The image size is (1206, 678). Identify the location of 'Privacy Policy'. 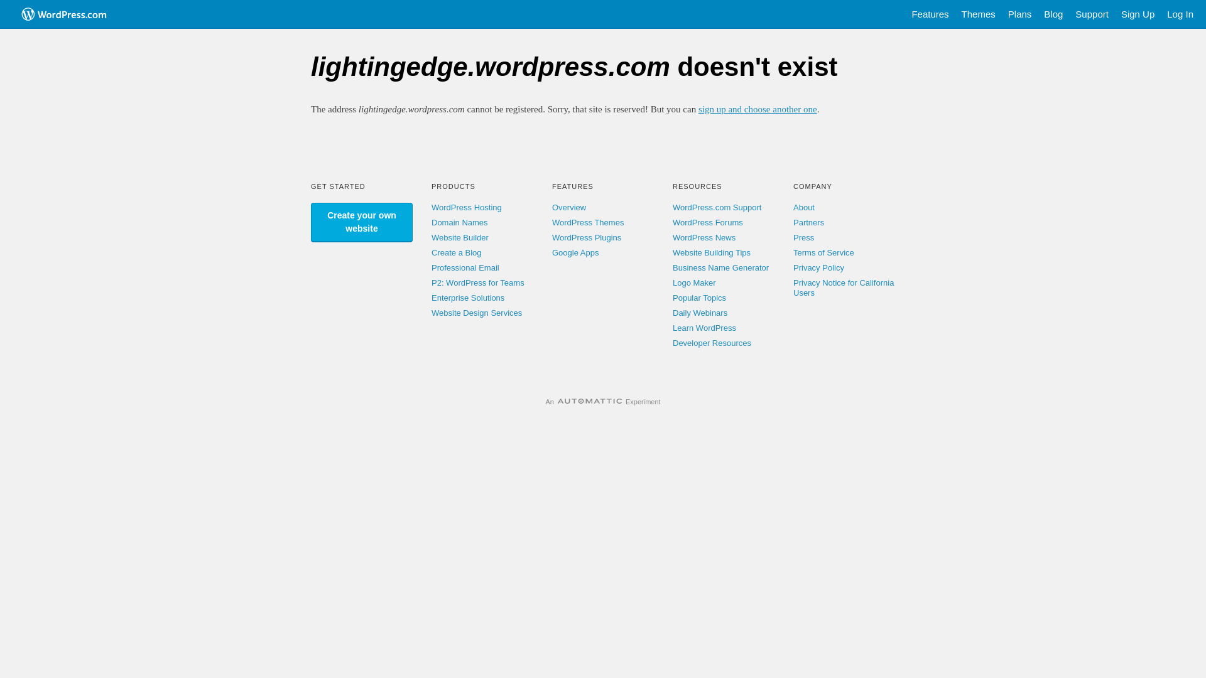
(792, 267).